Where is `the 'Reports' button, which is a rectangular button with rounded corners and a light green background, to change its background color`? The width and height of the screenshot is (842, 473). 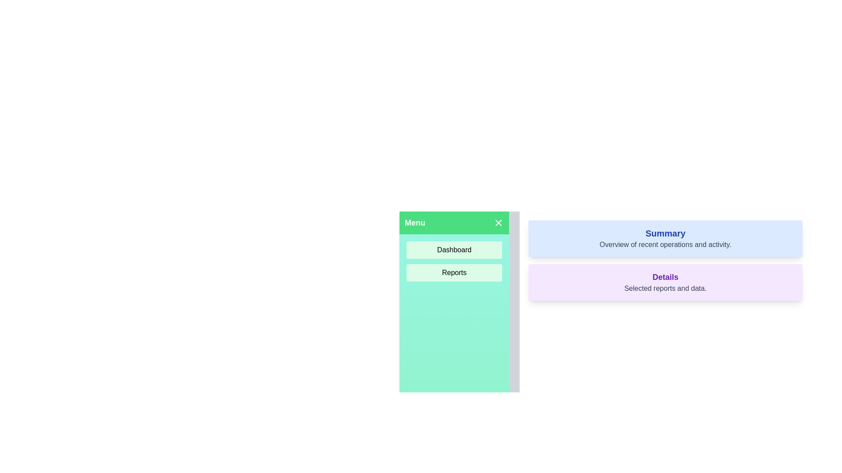
the 'Reports' button, which is a rectangular button with rounded corners and a light green background, to change its background color is located at coordinates (454, 272).